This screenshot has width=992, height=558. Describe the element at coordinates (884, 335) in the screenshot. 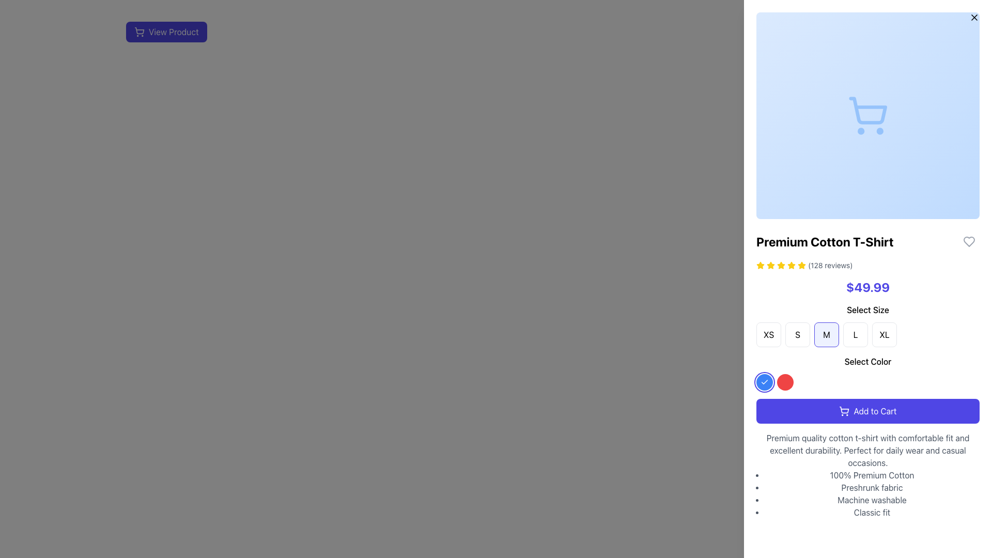

I see `the 'XL' size button` at that location.